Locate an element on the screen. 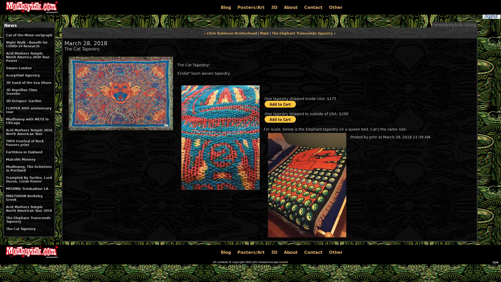 This screenshot has height=282, width=501. PayPal - The safer, easier way to pay online! is located at coordinates (280, 104).